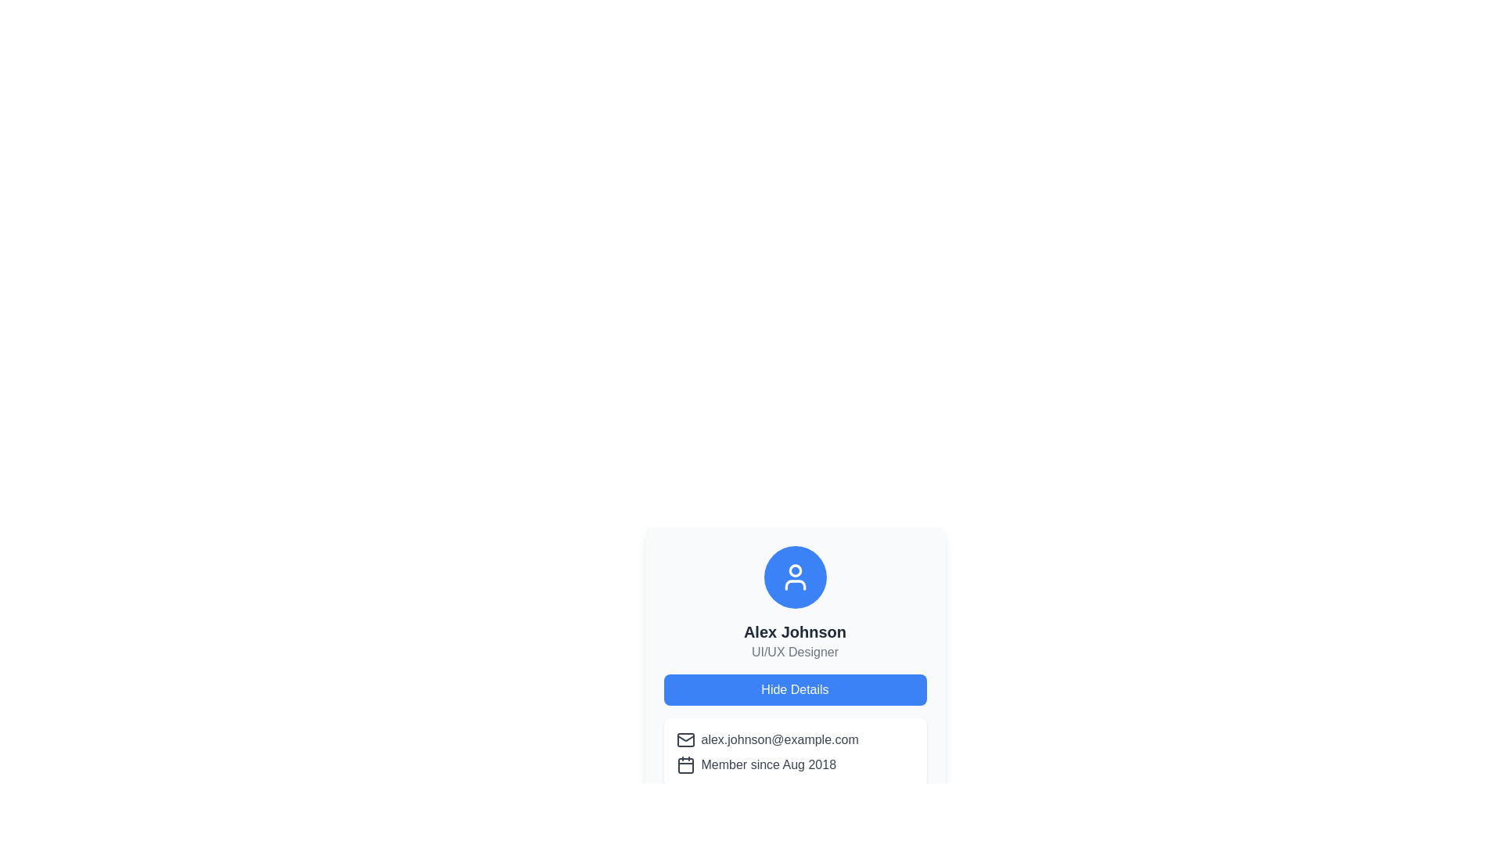  I want to click on the blue circular avatar icon that features a white silhouette of a person at its center, located at the top center of the profile card layout above the text 'Alex Johnson' and 'UI/UX Designer', so click(795, 577).